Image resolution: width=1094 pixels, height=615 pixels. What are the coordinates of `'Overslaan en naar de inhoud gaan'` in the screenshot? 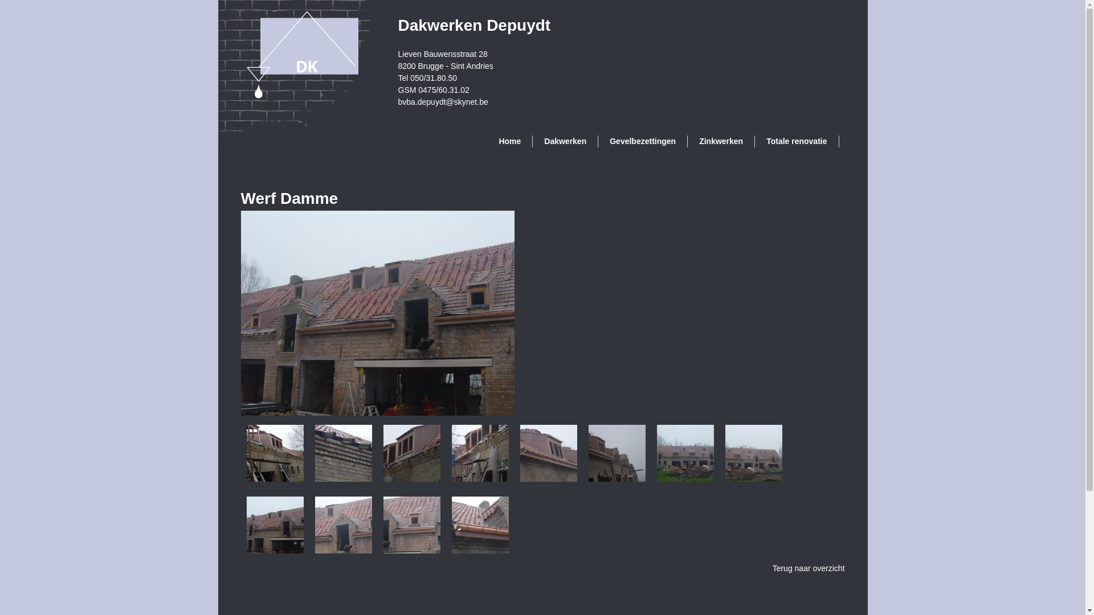 It's located at (495, 0).